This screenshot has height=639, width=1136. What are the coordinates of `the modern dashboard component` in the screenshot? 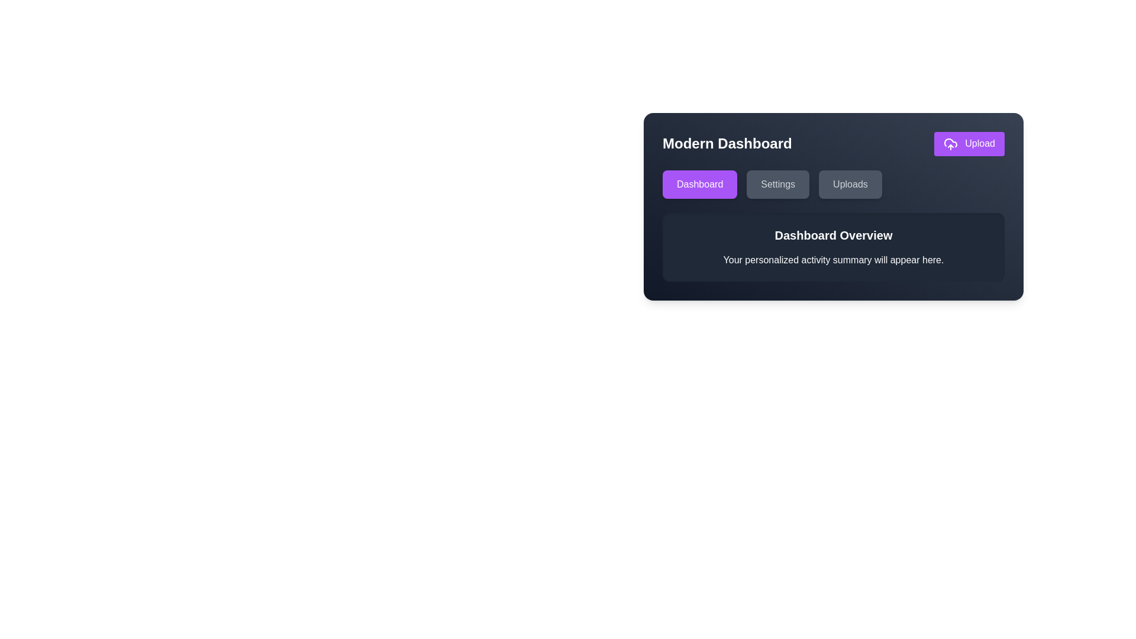 It's located at (833, 205).